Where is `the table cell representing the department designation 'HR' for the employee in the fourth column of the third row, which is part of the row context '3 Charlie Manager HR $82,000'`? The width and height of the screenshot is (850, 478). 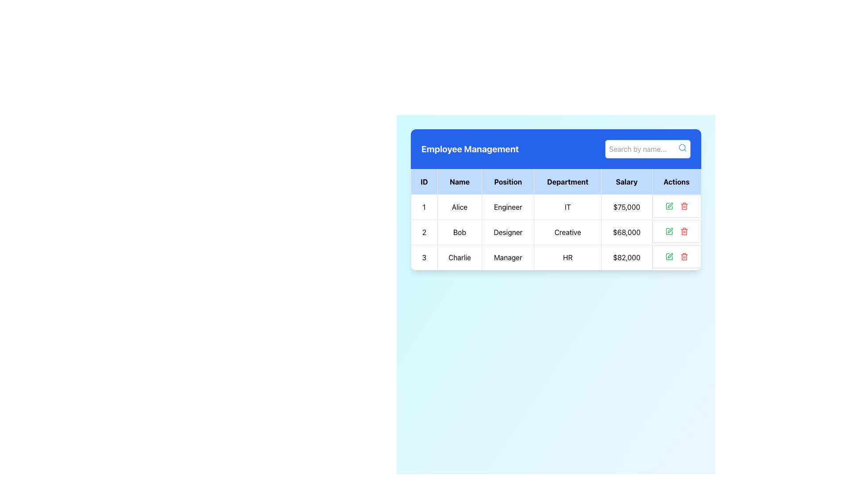 the table cell representing the department designation 'HR' for the employee in the fourth column of the third row, which is part of the row context '3 Charlie Manager HR $82,000' is located at coordinates (568, 258).